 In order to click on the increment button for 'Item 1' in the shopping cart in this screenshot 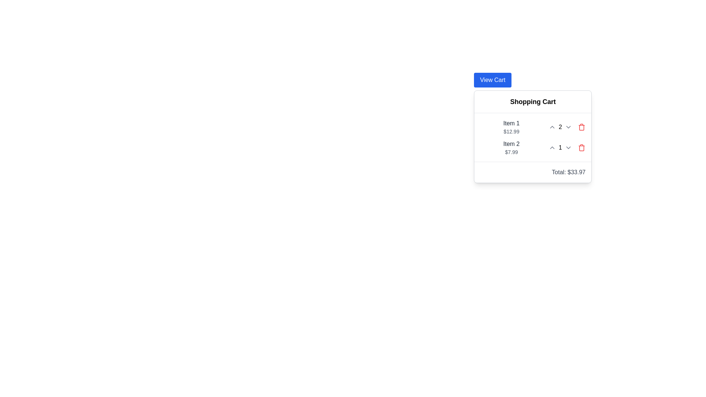, I will do `click(552, 127)`.